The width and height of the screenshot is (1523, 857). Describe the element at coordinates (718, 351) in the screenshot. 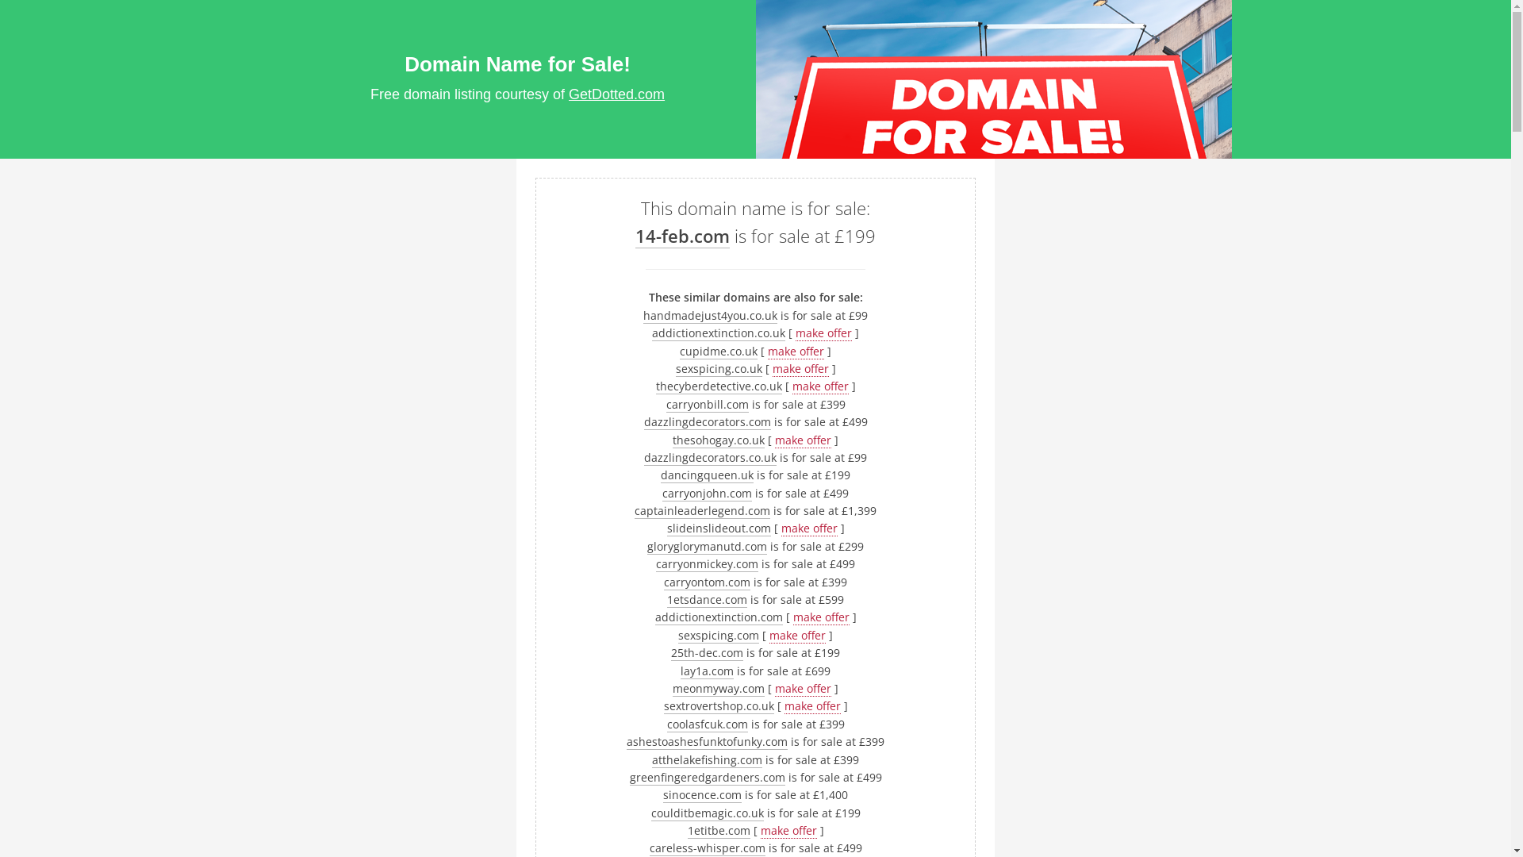

I see `'cupidme.co.uk'` at that location.